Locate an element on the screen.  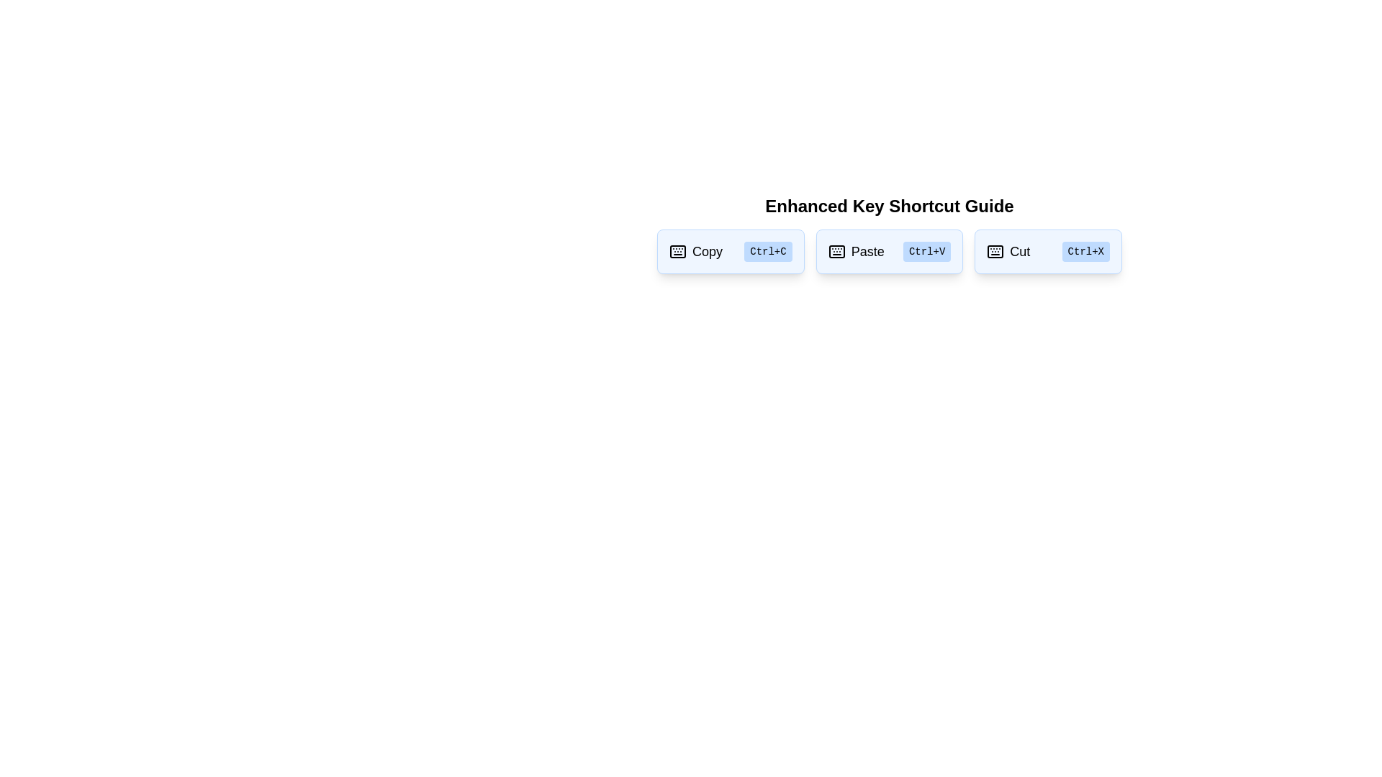
the Paste Label or Text Indicator, which is the second item in the row labeled 'Copy', 'Paste', and 'Cut', located between the 'Copy' and 'Cut' elements, providing a visual cue for pasting functionality is located at coordinates (867, 251).